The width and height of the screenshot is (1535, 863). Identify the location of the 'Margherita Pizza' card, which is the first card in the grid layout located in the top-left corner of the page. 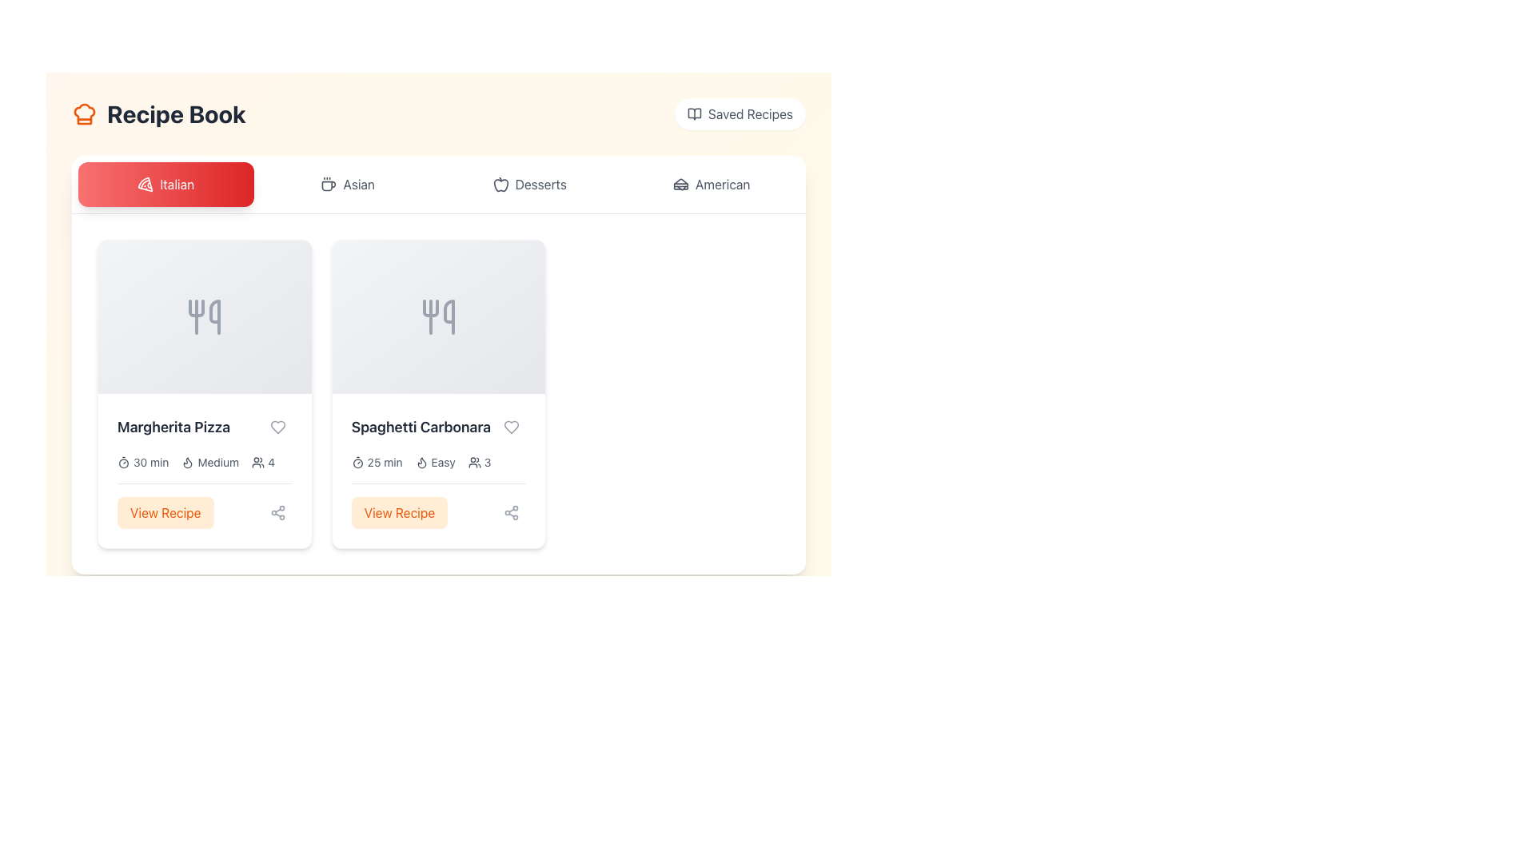
(204, 394).